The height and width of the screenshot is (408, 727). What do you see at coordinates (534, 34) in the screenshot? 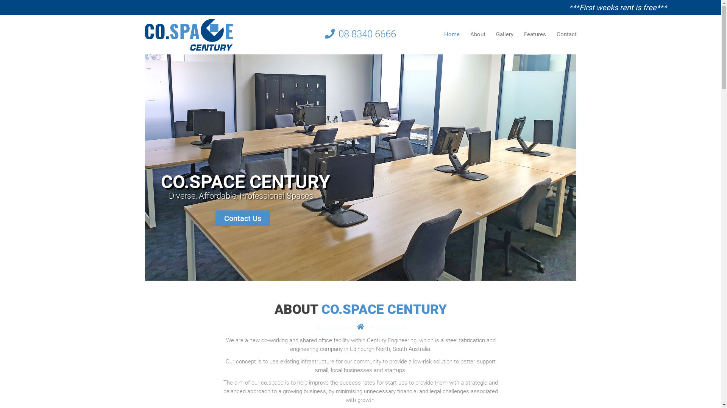
I see `'Features'` at bounding box center [534, 34].